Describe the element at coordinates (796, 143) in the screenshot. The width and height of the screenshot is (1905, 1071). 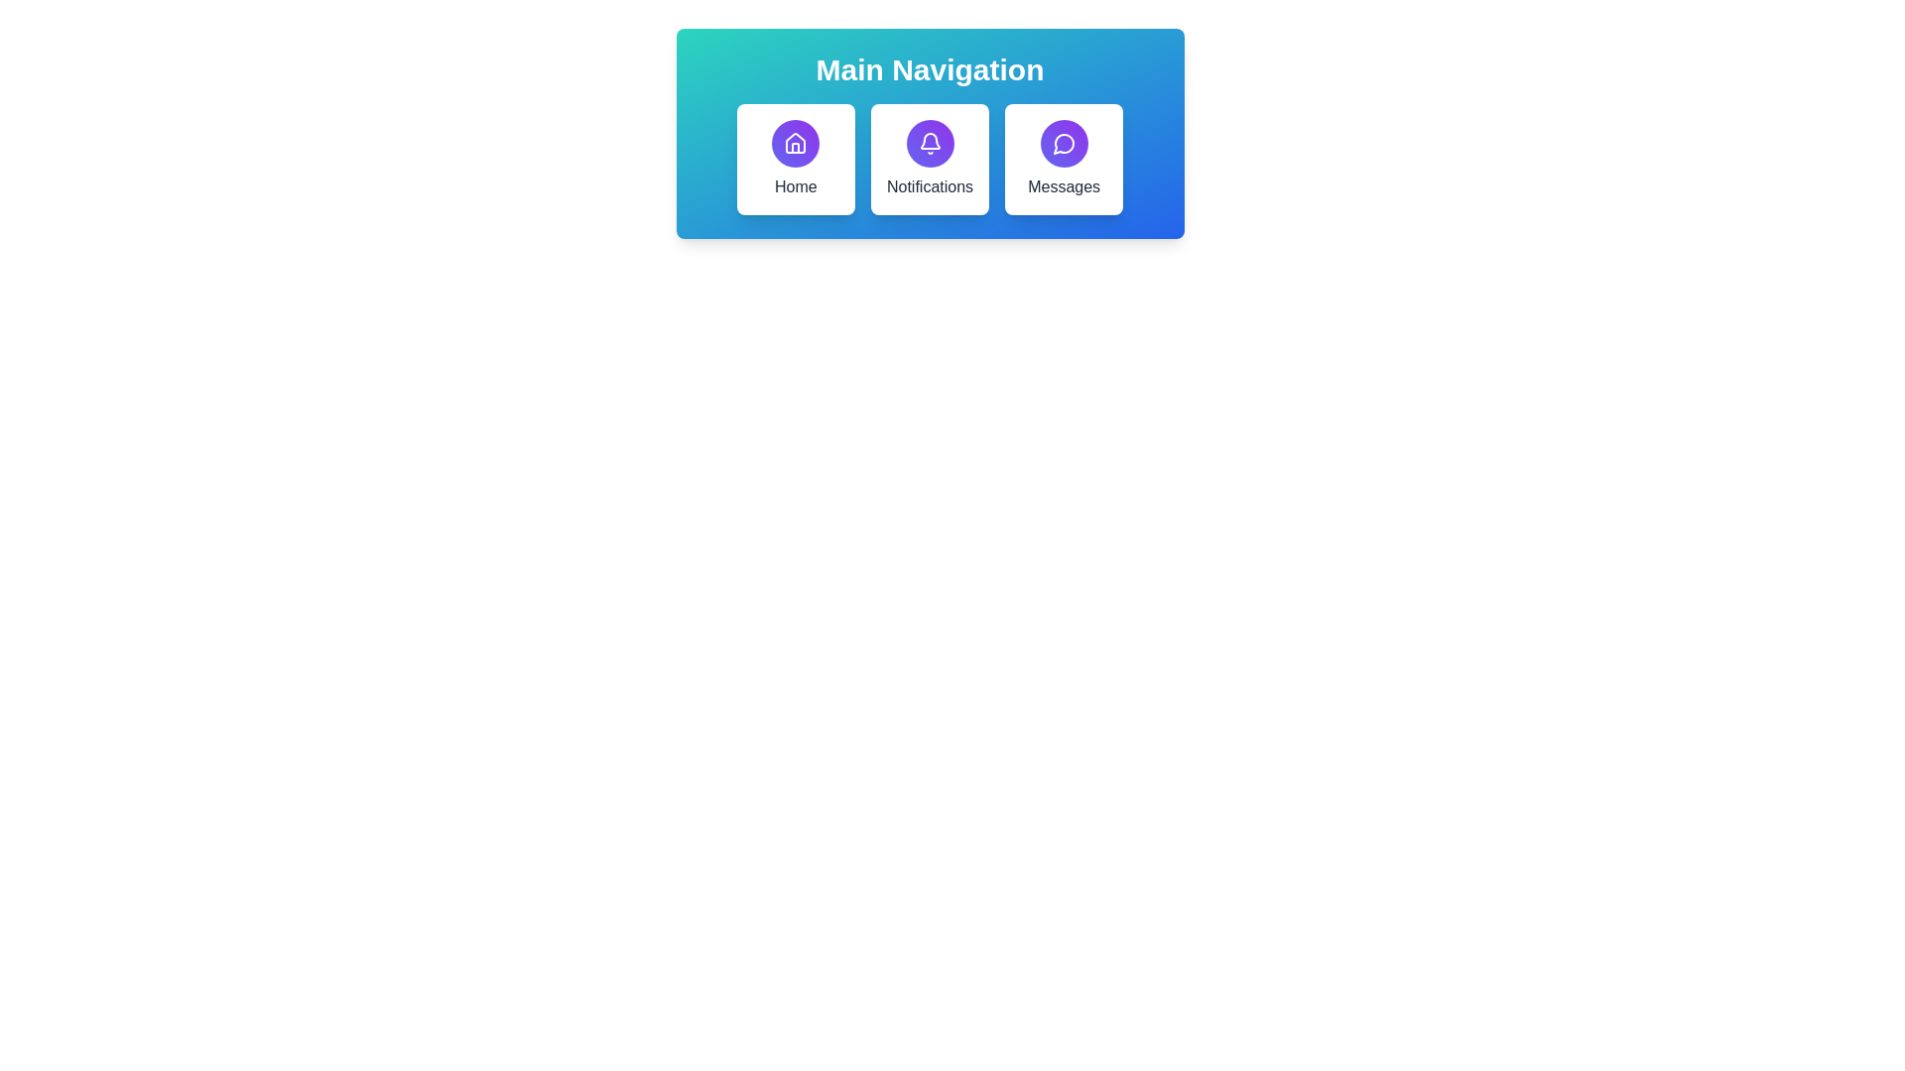
I see `the house icon in the Main Navigation card, which is the leftmost of three circular icons above the 'Home' label` at that location.